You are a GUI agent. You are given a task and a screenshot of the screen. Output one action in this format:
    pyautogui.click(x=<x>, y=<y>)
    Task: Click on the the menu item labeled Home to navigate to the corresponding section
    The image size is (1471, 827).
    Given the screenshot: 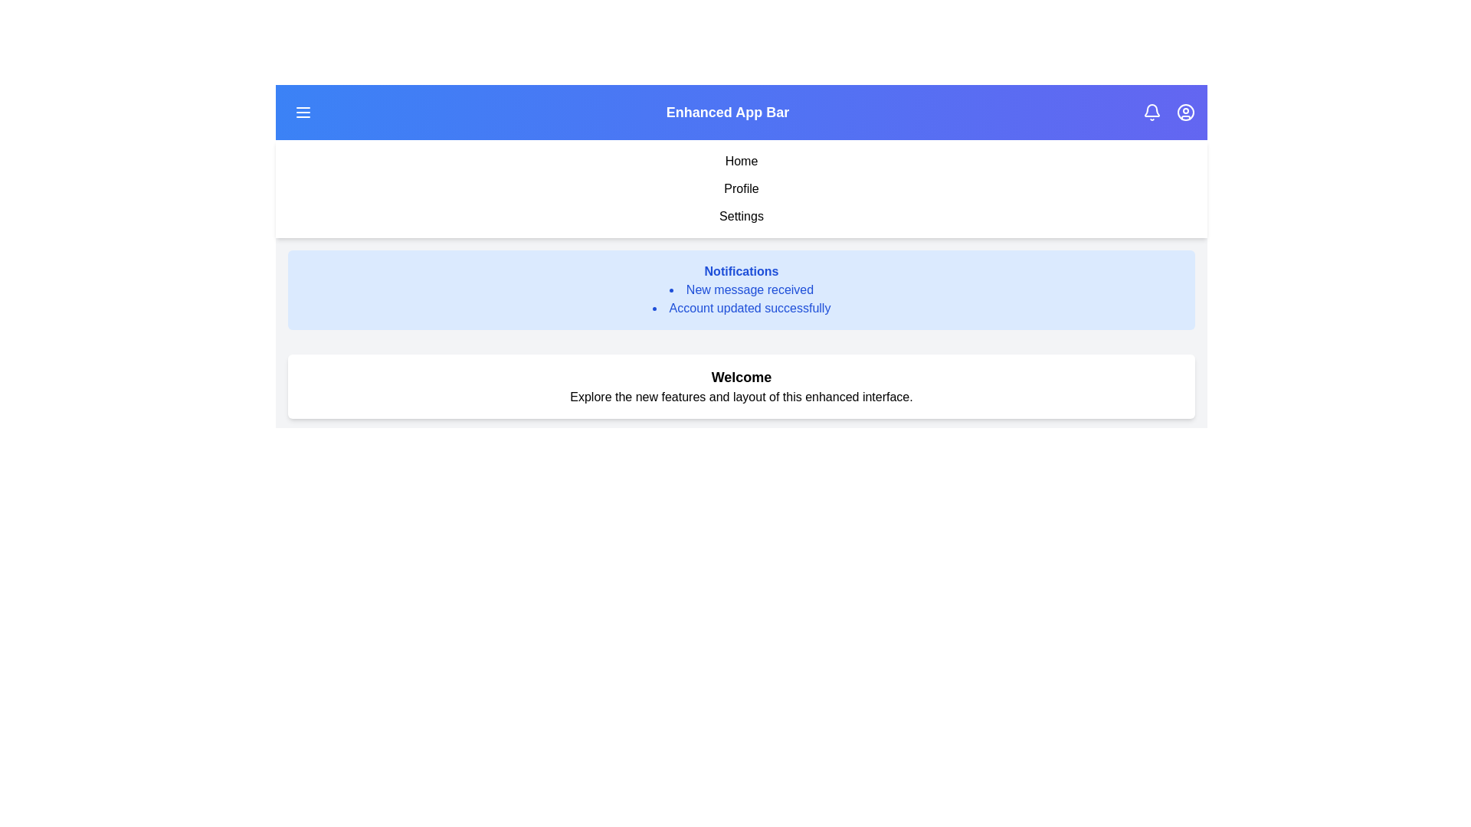 What is the action you would take?
    pyautogui.click(x=742, y=162)
    